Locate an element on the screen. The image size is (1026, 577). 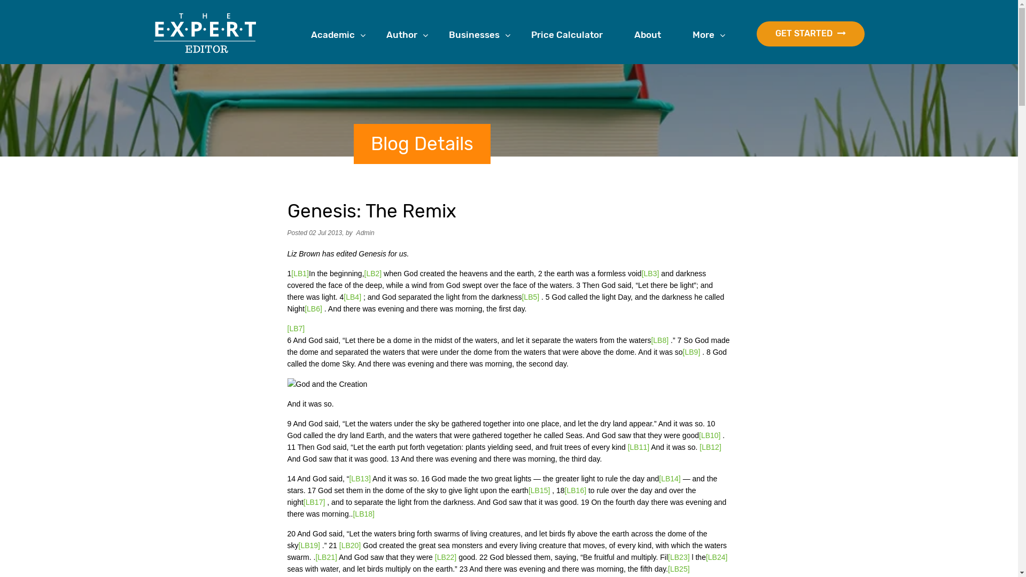
'[LB25]' is located at coordinates (678, 568).